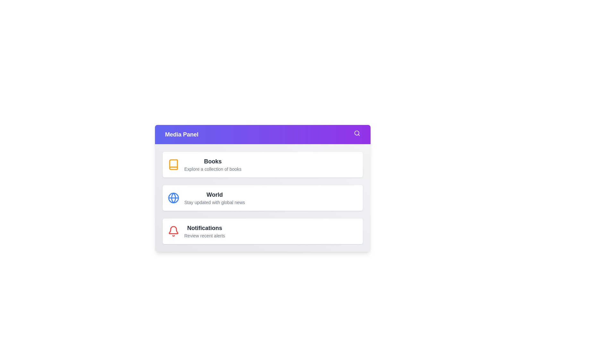 Image resolution: width=616 pixels, height=346 pixels. Describe the element at coordinates (173, 197) in the screenshot. I see `the menu option World to view its highlight` at that location.